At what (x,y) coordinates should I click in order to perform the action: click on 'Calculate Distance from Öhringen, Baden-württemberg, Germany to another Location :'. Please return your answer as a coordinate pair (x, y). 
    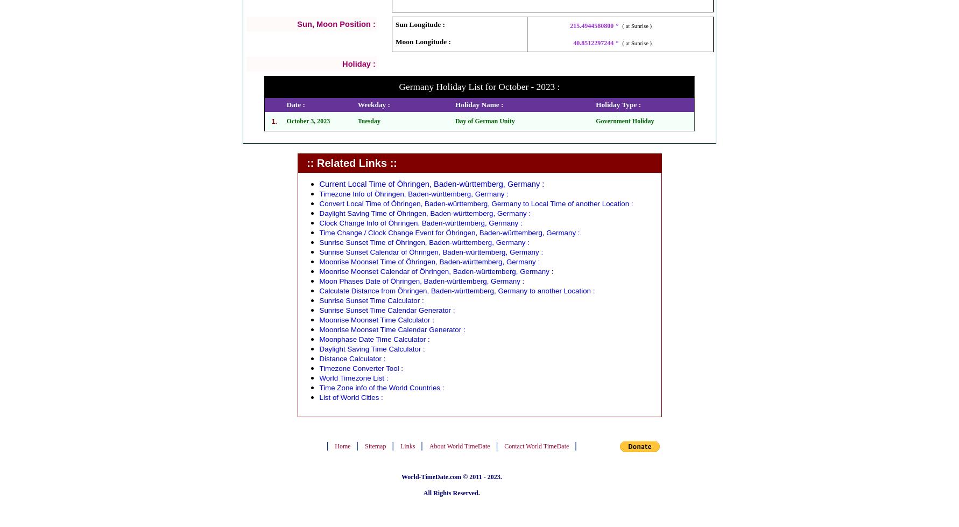
    Looking at the image, I should click on (456, 290).